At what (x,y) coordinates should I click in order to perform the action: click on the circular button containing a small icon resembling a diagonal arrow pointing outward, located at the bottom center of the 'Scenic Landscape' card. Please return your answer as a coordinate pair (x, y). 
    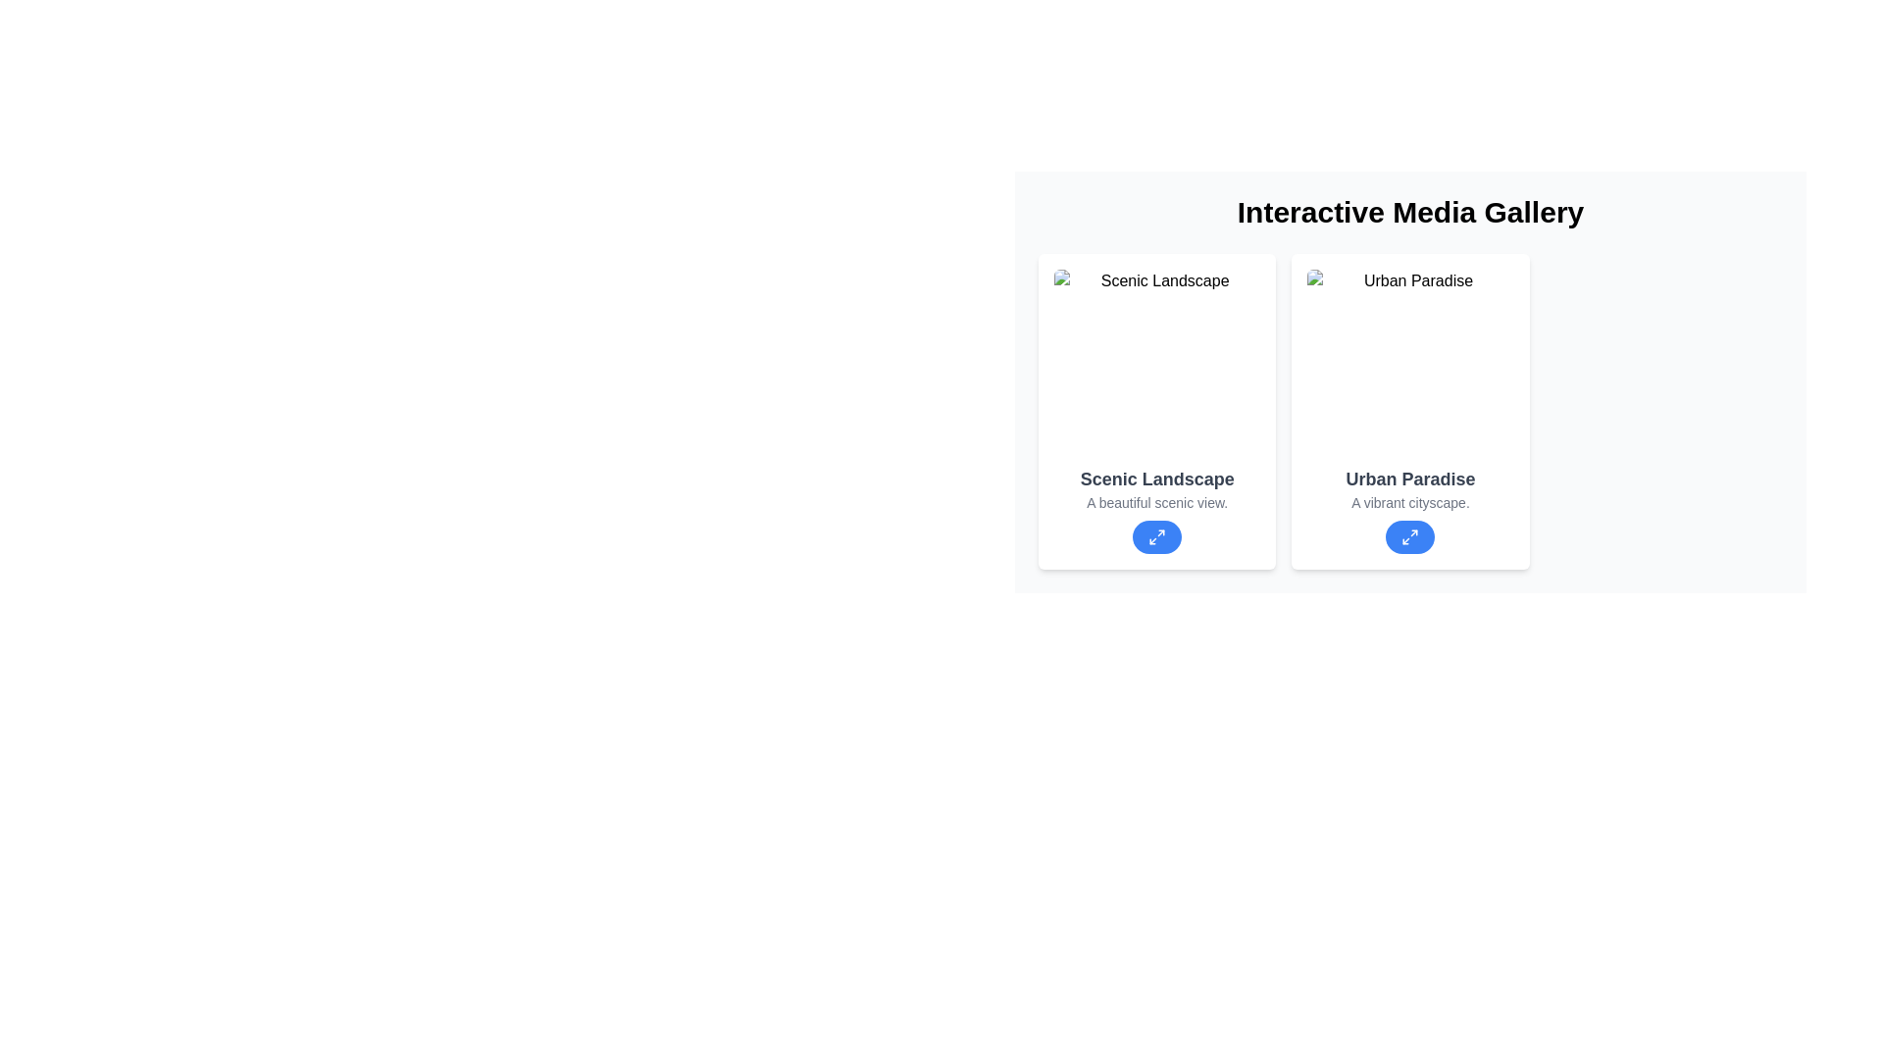
    Looking at the image, I should click on (1157, 536).